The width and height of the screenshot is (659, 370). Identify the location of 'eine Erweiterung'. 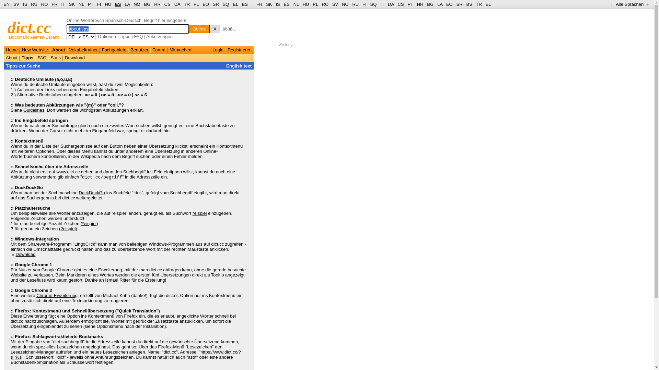
(105, 269).